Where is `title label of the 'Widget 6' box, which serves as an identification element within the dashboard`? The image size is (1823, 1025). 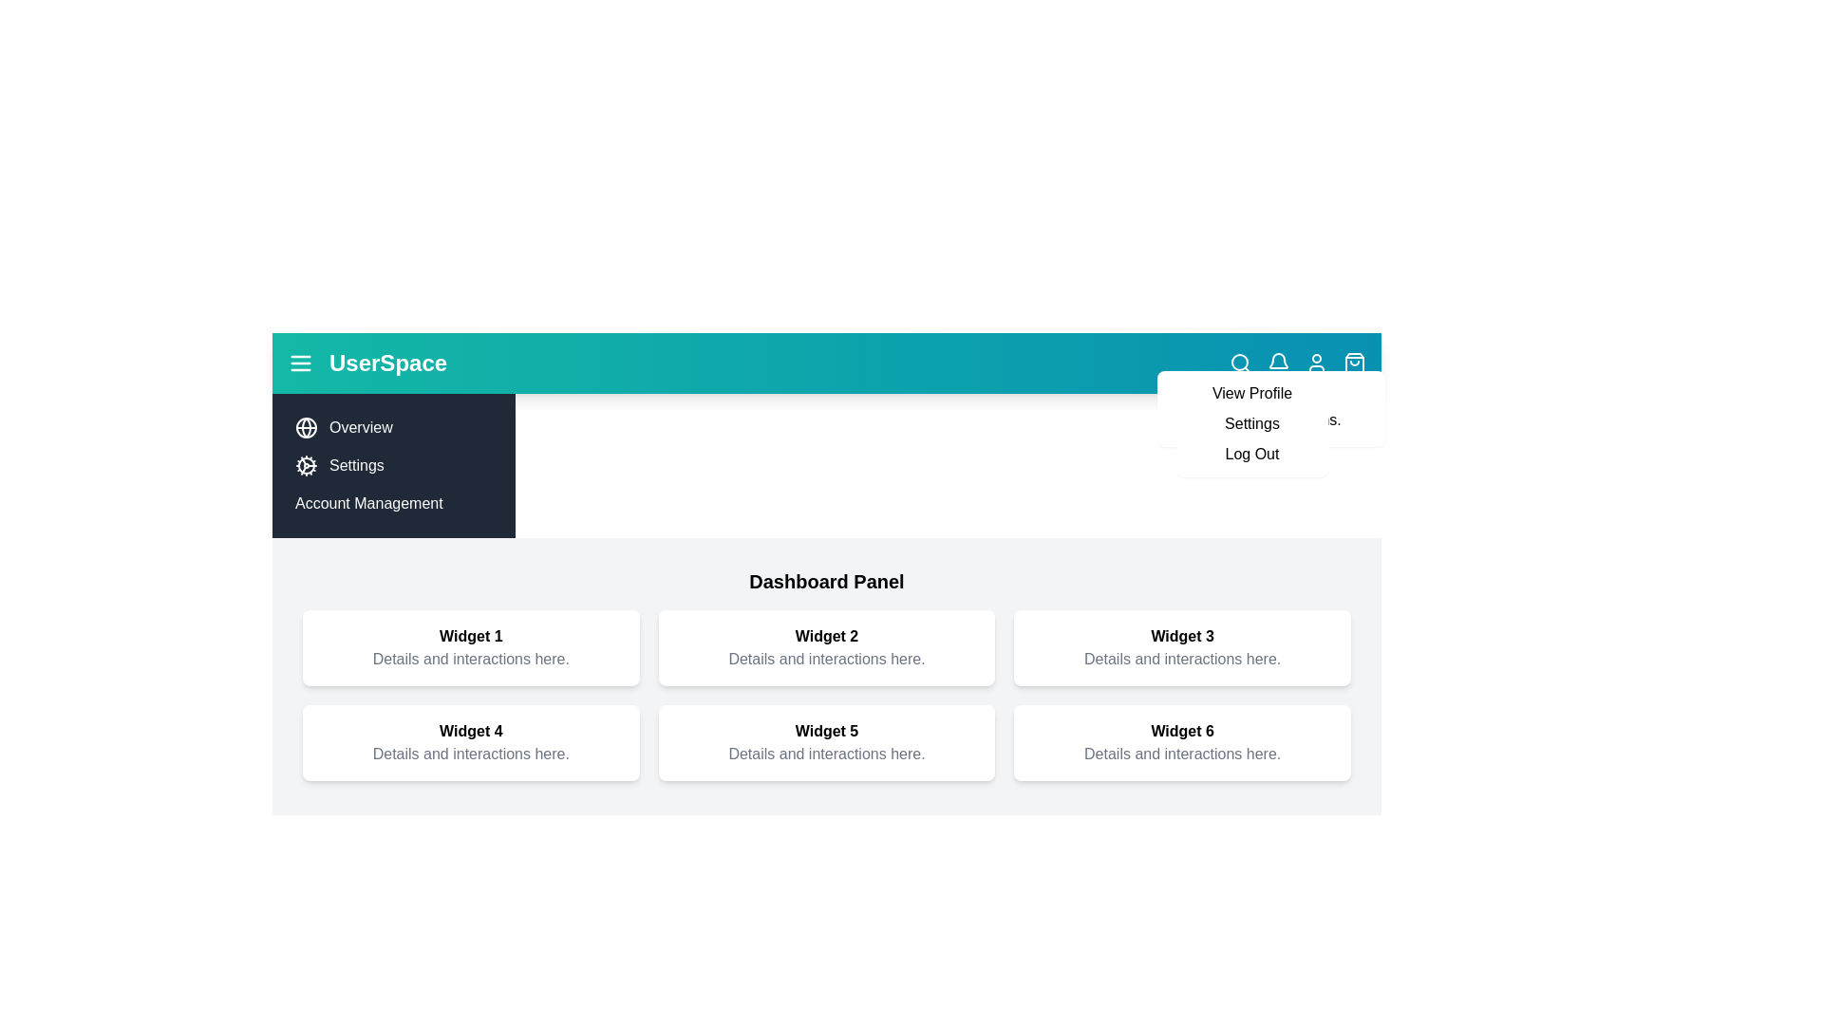 title label of the 'Widget 6' box, which serves as an identification element within the dashboard is located at coordinates (1181, 731).